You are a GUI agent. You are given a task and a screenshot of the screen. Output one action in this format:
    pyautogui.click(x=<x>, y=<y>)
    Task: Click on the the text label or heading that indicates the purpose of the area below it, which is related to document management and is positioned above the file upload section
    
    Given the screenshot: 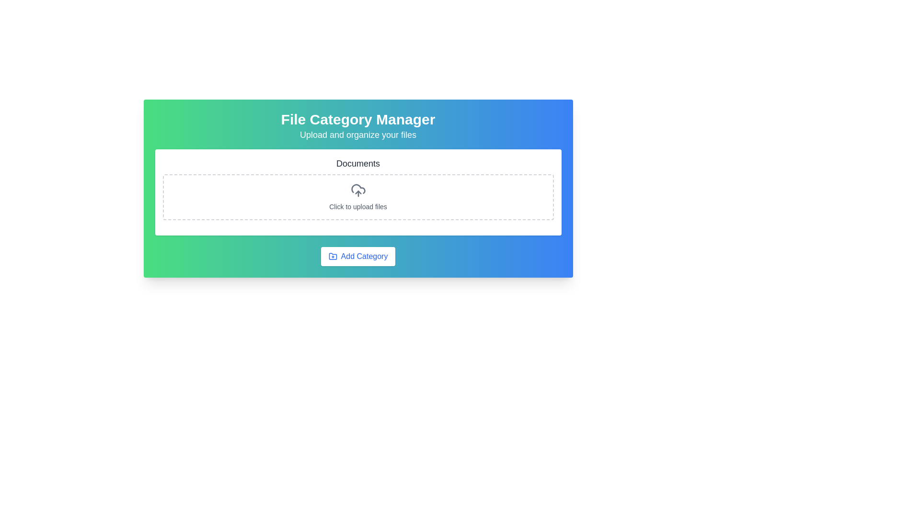 What is the action you would take?
    pyautogui.click(x=357, y=163)
    